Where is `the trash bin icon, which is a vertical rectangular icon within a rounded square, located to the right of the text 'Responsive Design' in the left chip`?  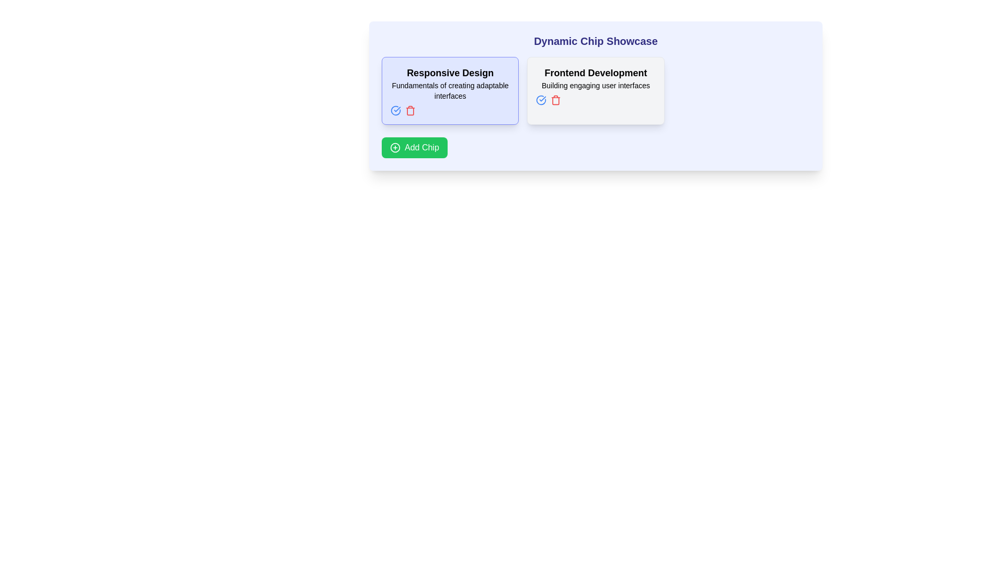
the trash bin icon, which is a vertical rectangular icon within a rounded square, located to the right of the text 'Responsive Design' in the left chip is located at coordinates (410, 111).